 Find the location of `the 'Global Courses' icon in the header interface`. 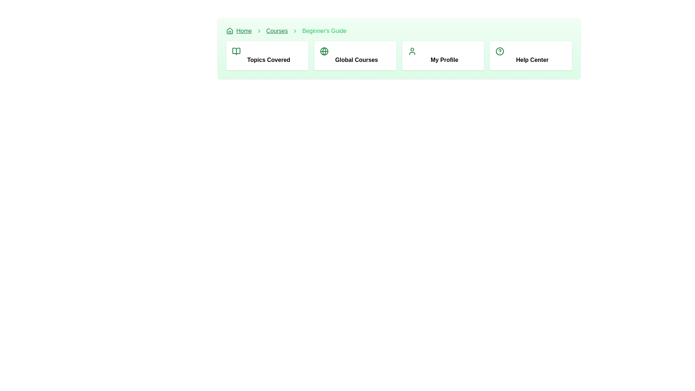

the 'Global Courses' icon in the header interface is located at coordinates (324, 51).